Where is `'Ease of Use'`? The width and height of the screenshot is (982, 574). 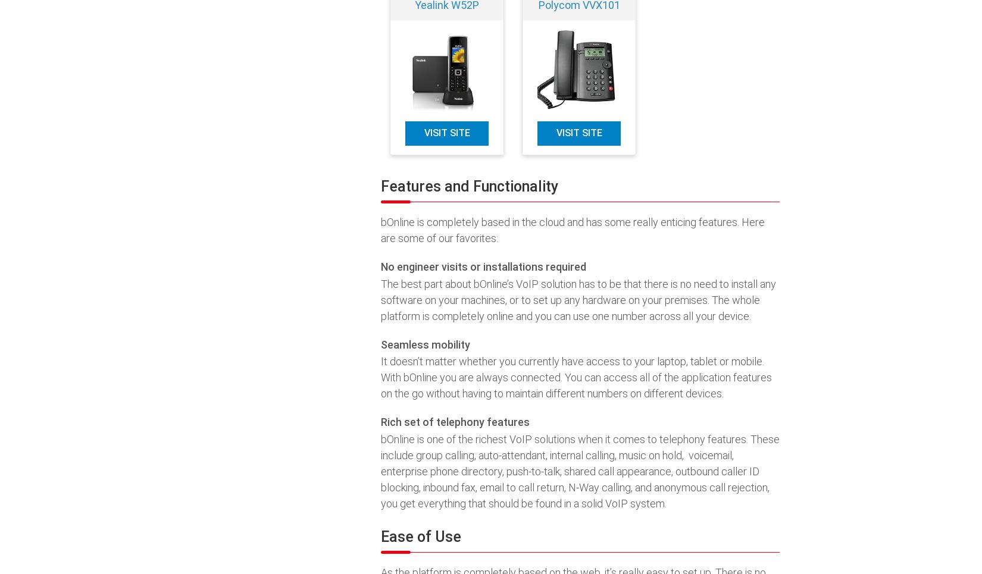 'Ease of Use' is located at coordinates (420, 536).